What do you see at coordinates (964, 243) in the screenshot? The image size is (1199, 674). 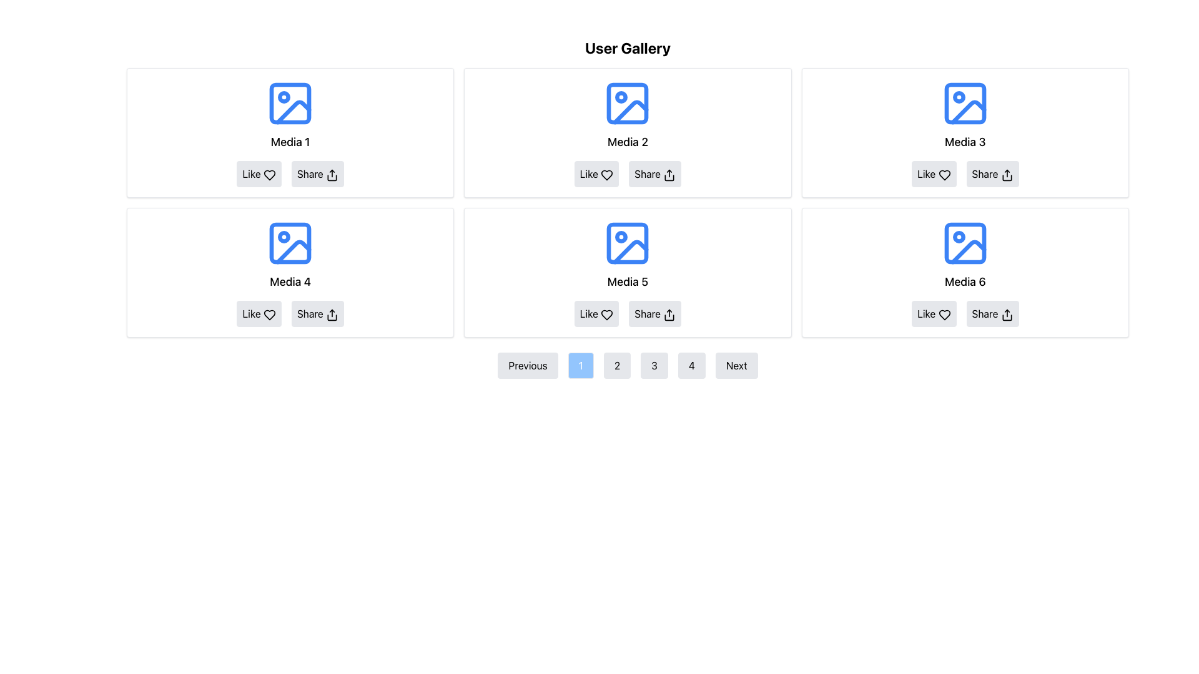 I see `the image icon representing the sixth media item in the gallery view, located in the bottom-right cell of the two-row grid` at bounding box center [964, 243].